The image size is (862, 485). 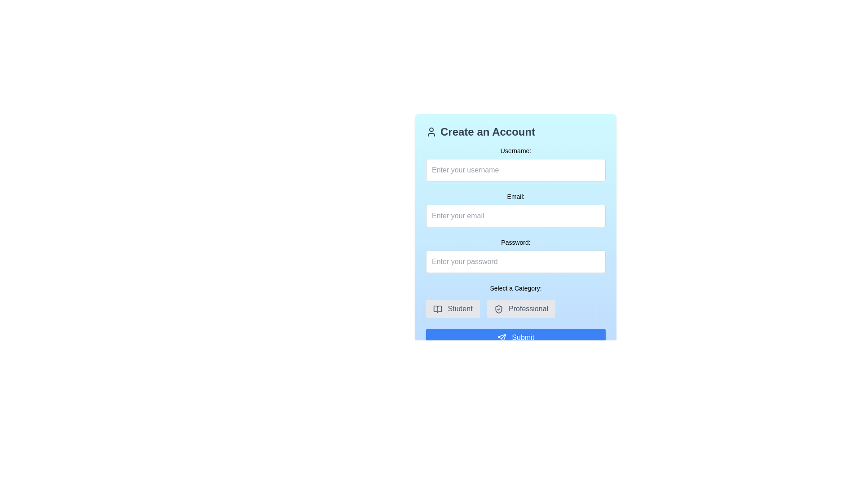 What do you see at coordinates (515, 301) in the screenshot?
I see `the 'Student' and 'Professional' options in the labeled button group` at bounding box center [515, 301].